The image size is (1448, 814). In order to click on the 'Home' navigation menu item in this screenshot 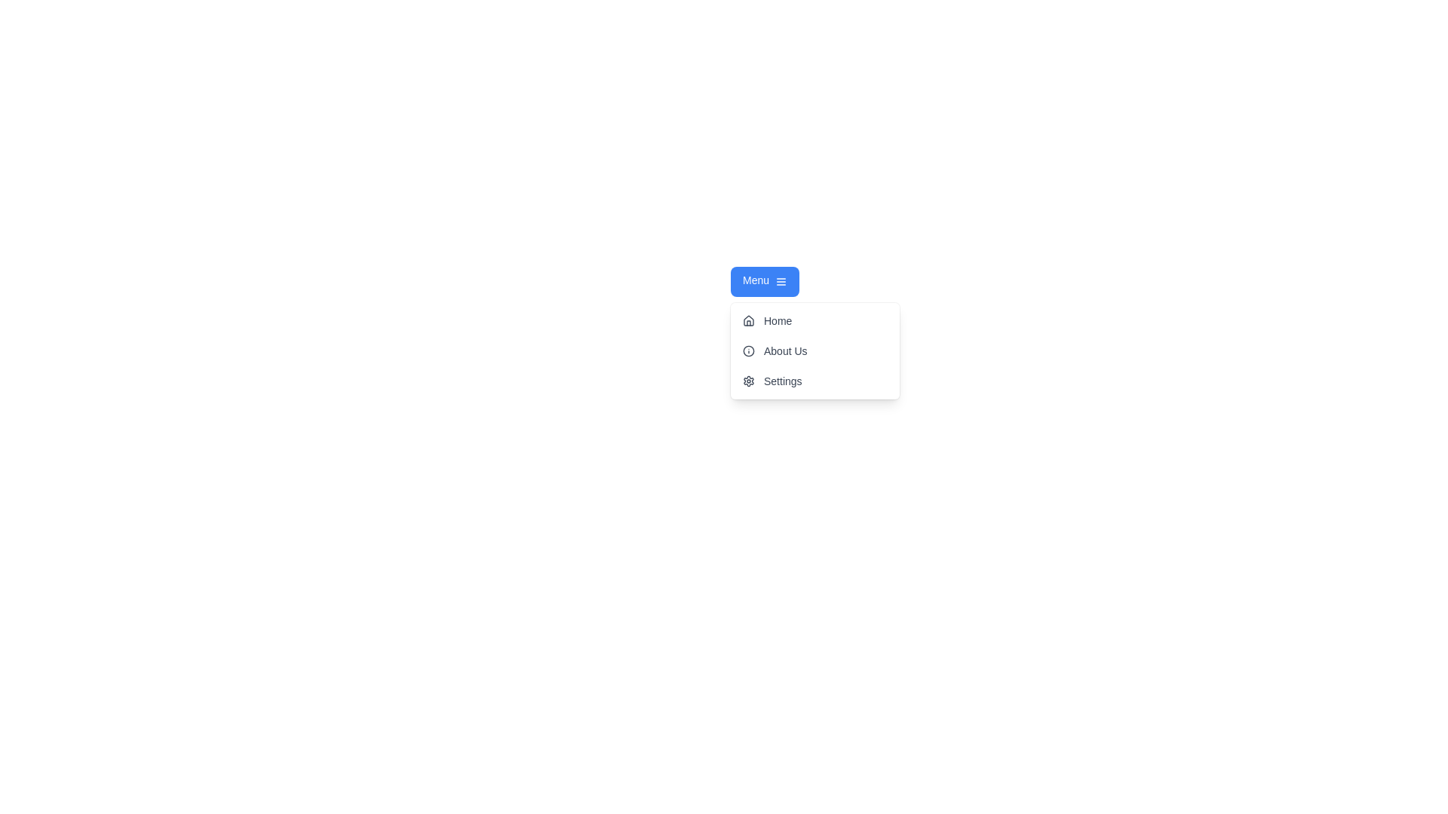, I will do `click(814, 320)`.